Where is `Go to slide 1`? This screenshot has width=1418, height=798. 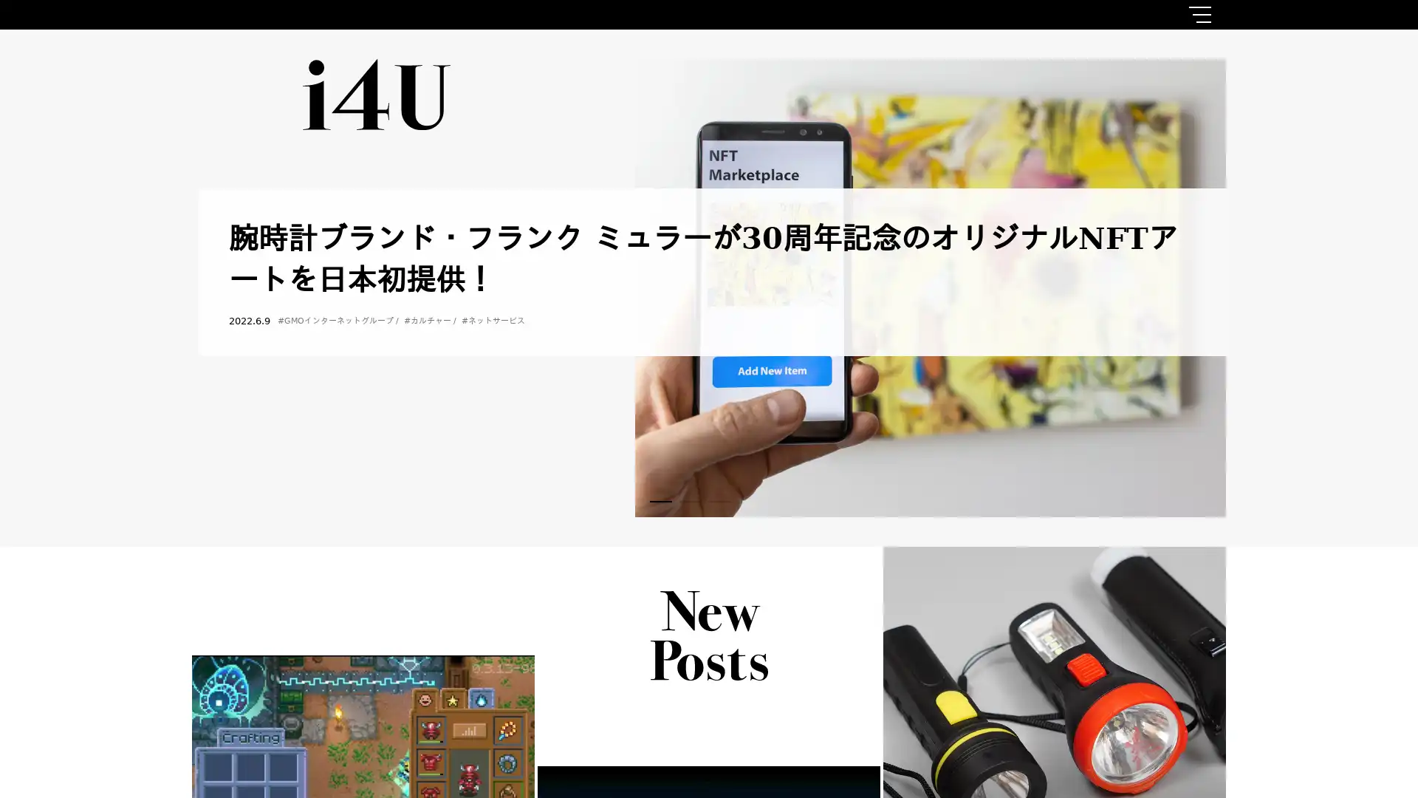
Go to slide 1 is located at coordinates (660, 500).